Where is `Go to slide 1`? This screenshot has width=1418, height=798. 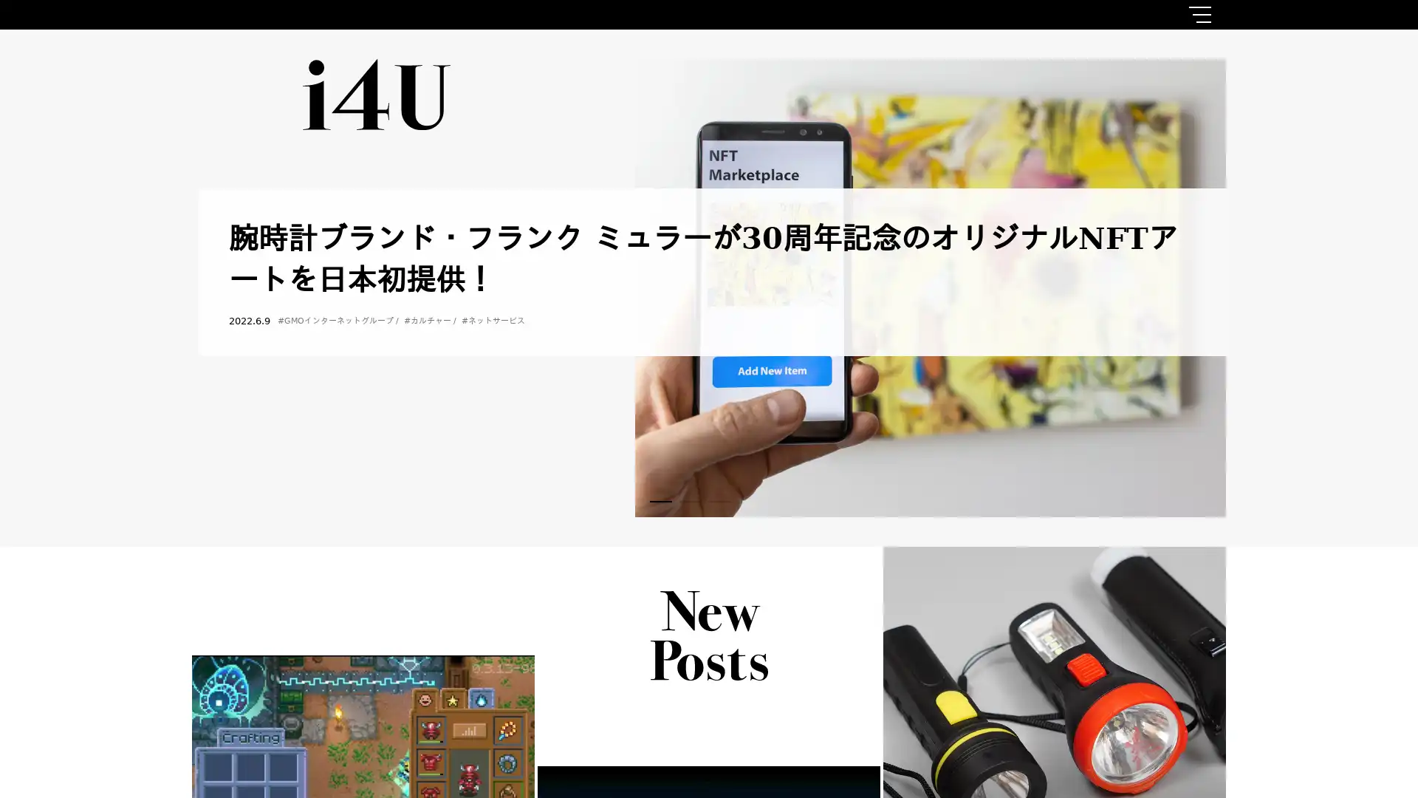
Go to slide 1 is located at coordinates (660, 500).